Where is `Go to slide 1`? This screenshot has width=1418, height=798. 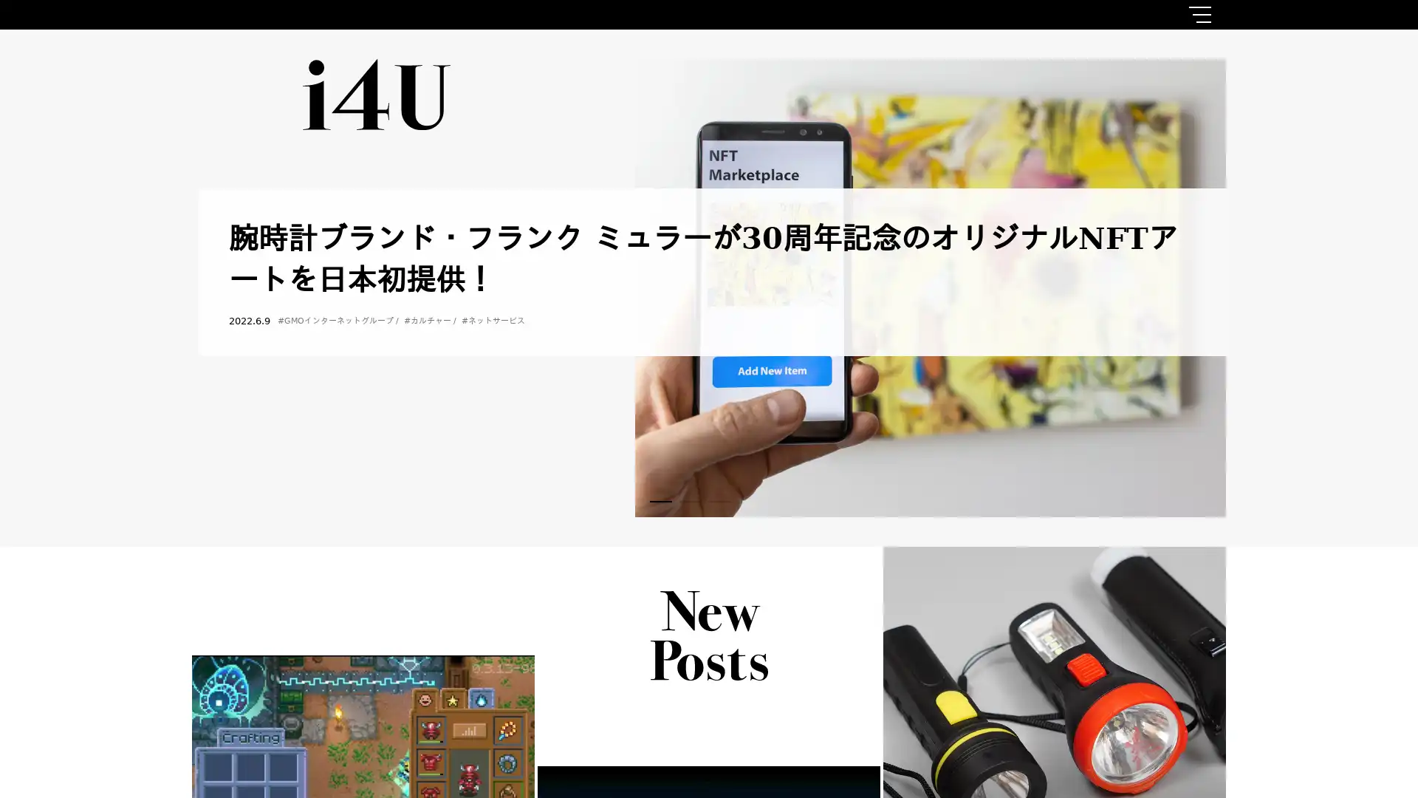
Go to slide 1 is located at coordinates (660, 500).